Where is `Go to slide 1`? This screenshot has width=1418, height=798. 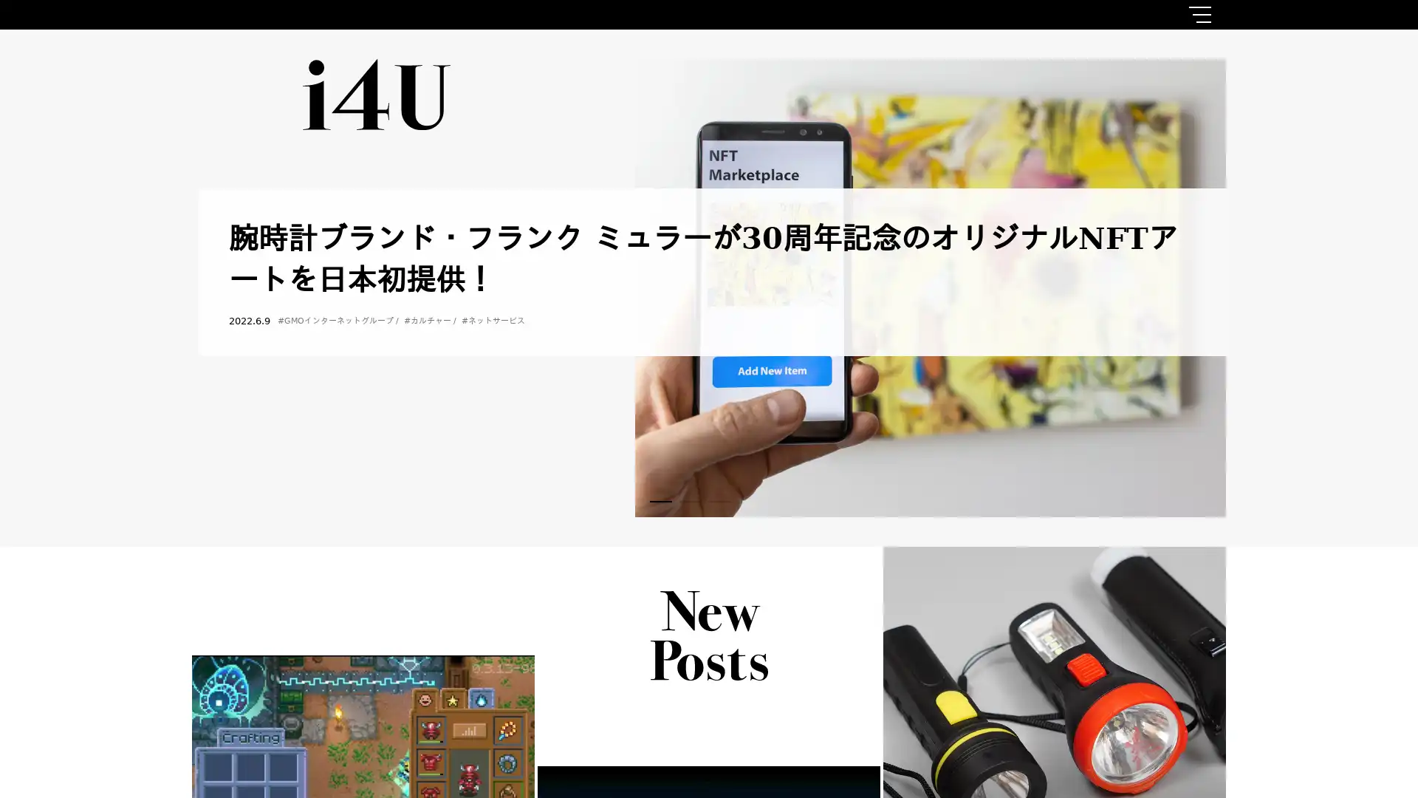
Go to slide 1 is located at coordinates (660, 500).